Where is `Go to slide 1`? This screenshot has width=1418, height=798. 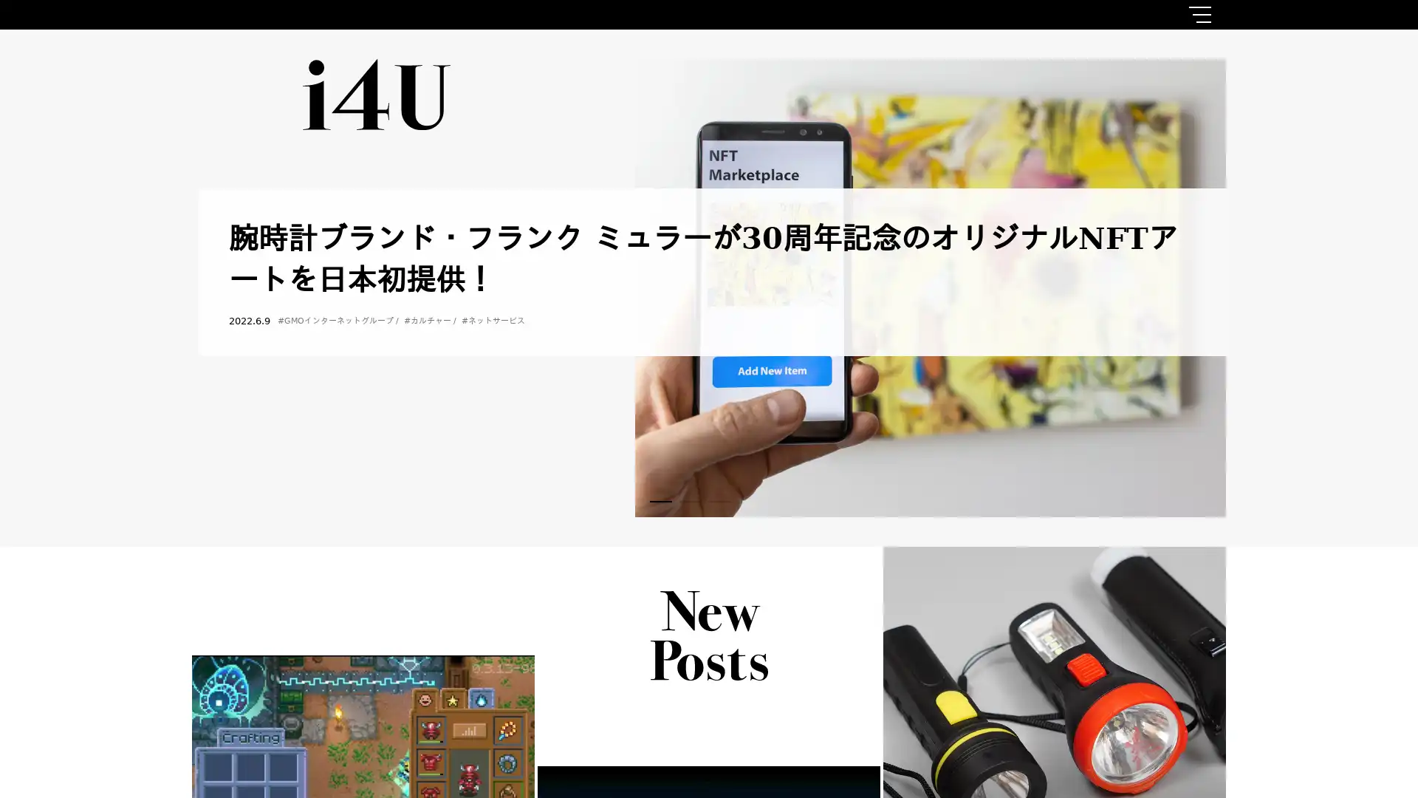
Go to slide 1 is located at coordinates (660, 500).